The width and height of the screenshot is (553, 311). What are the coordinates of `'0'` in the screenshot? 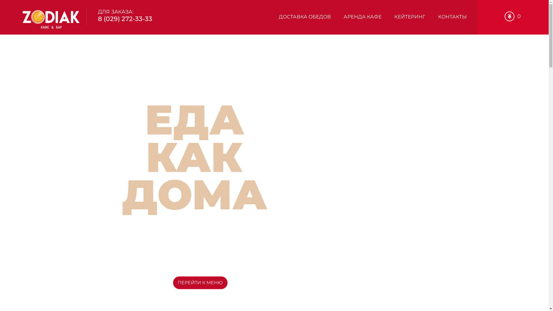 It's located at (513, 16).